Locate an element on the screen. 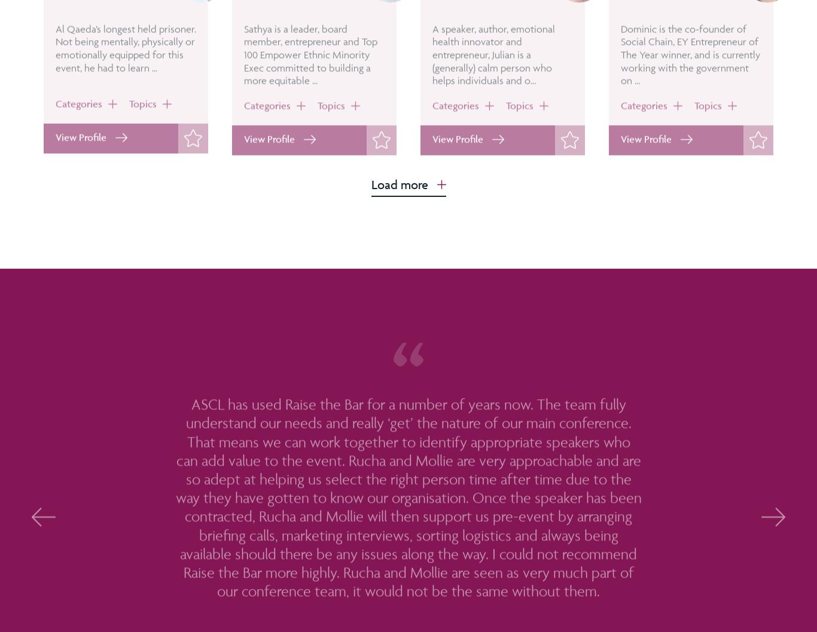 This screenshot has height=632, width=817. 'Load more' is located at coordinates (398, 184).